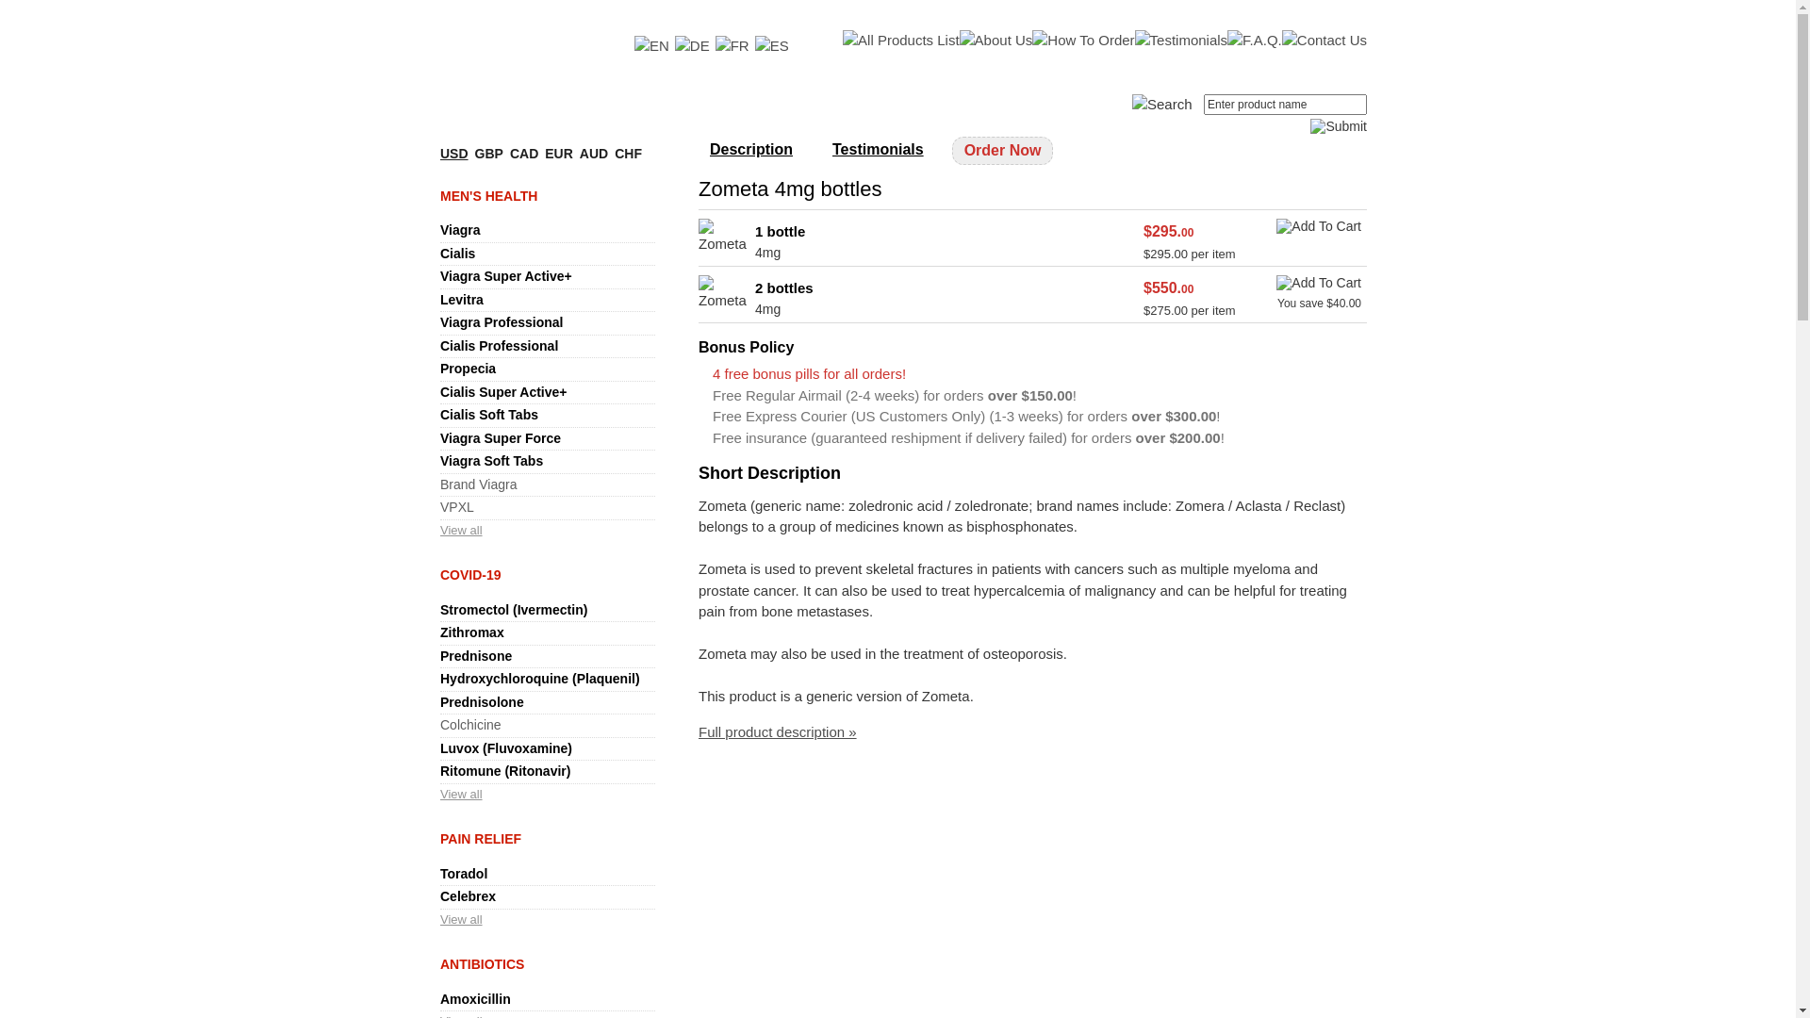 The width and height of the screenshot is (1810, 1018). Describe the element at coordinates (438, 963) in the screenshot. I see `'ANTIBIOTICS'` at that location.